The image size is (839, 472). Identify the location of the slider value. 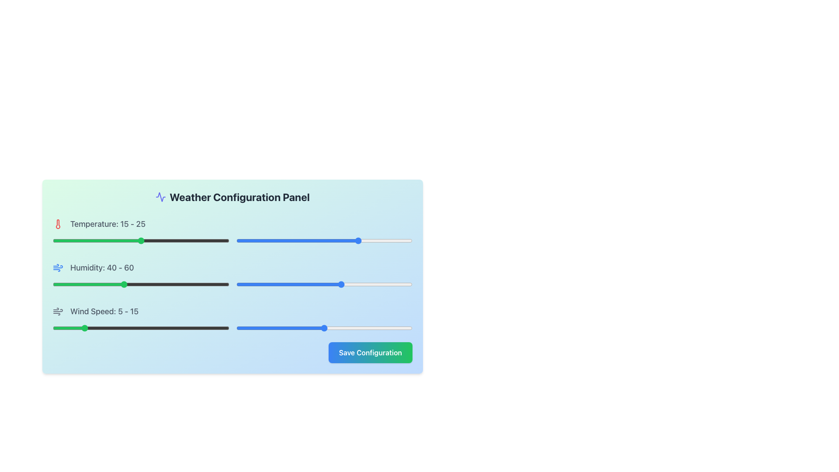
(277, 328).